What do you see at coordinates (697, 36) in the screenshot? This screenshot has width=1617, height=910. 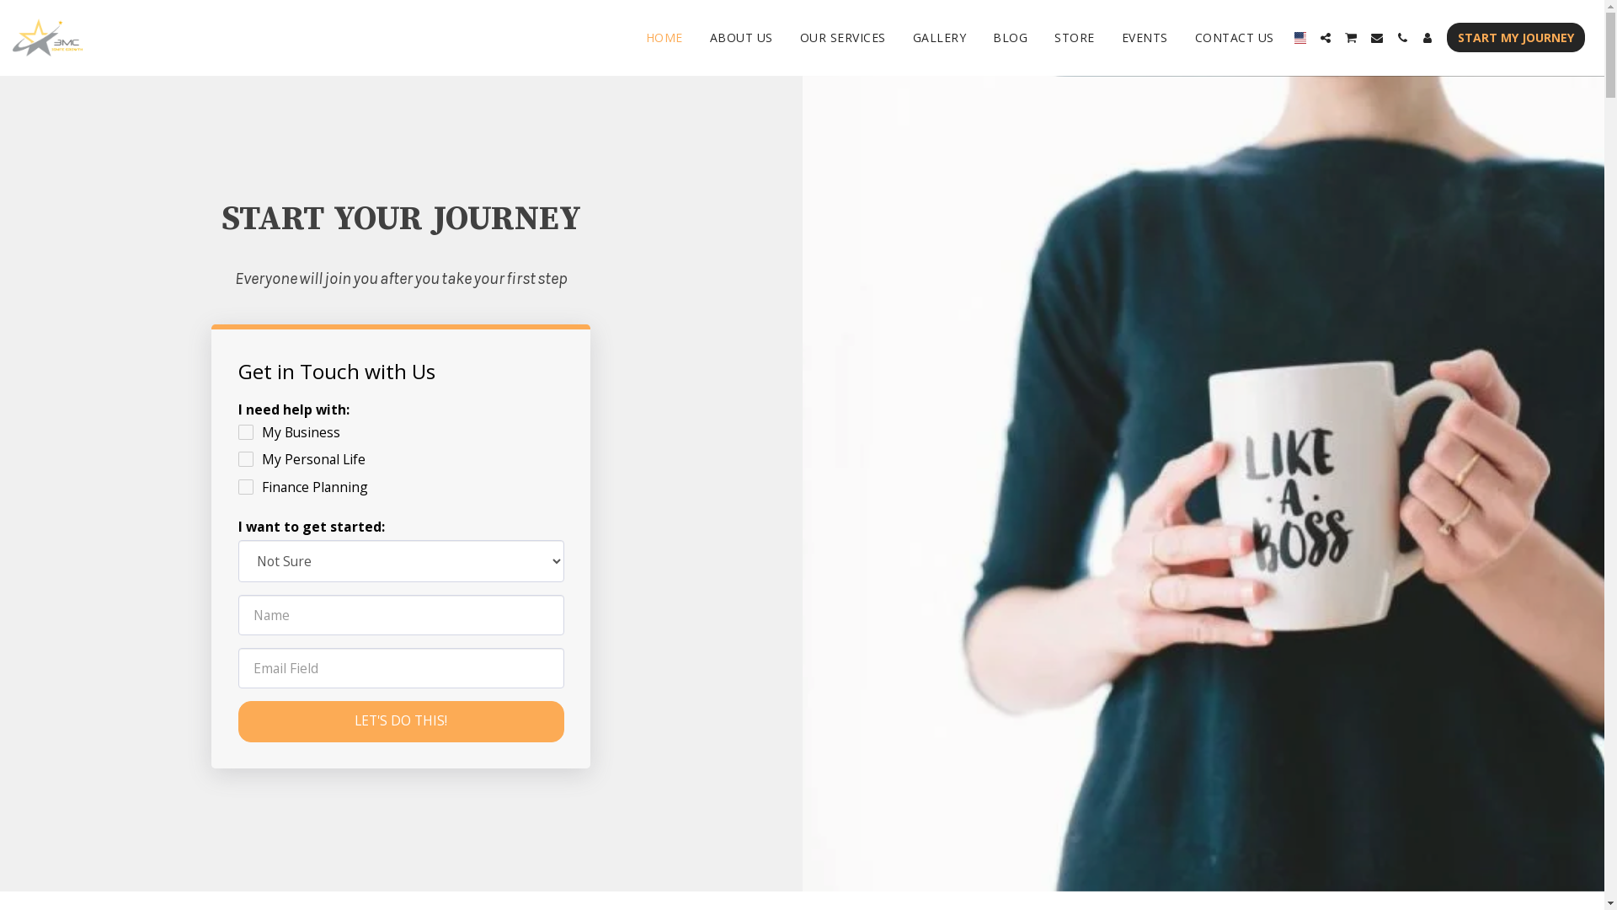 I see `'ABOUT US'` at bounding box center [697, 36].